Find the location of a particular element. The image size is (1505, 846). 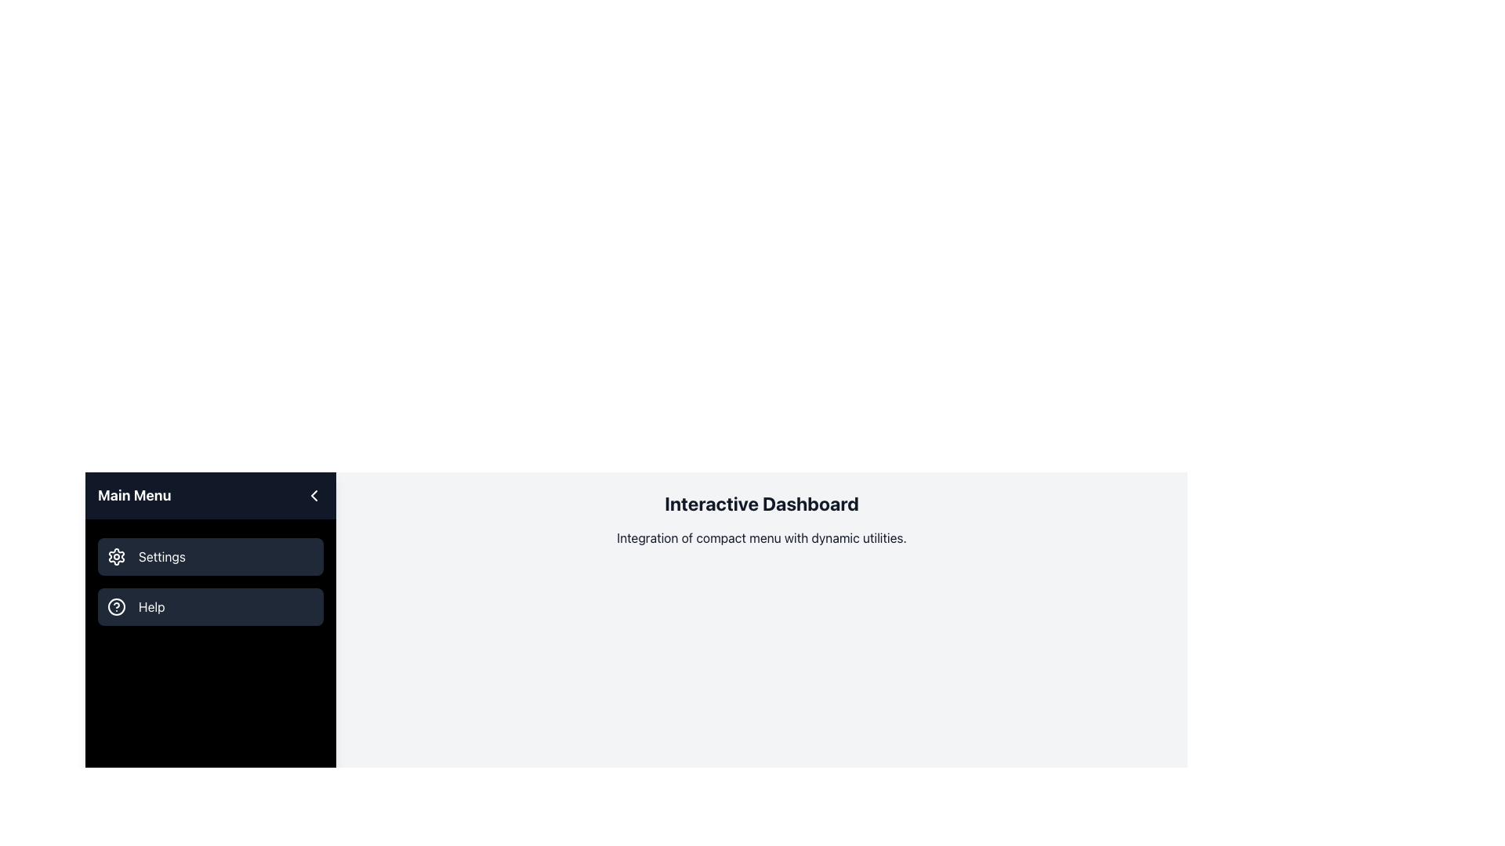

the SVG Circle Graphic that is the inner circle of the icon associated with the 'Help' menu option in the left sidebar, located centrally below the 'Settings' option is located at coordinates (115, 606).